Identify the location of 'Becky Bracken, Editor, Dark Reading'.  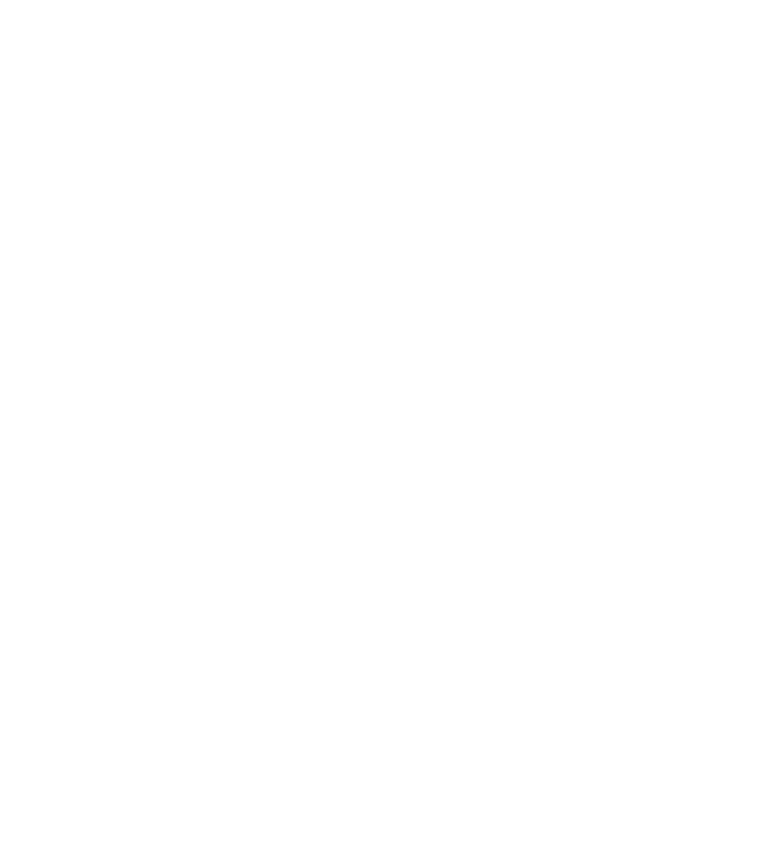
(270, 440).